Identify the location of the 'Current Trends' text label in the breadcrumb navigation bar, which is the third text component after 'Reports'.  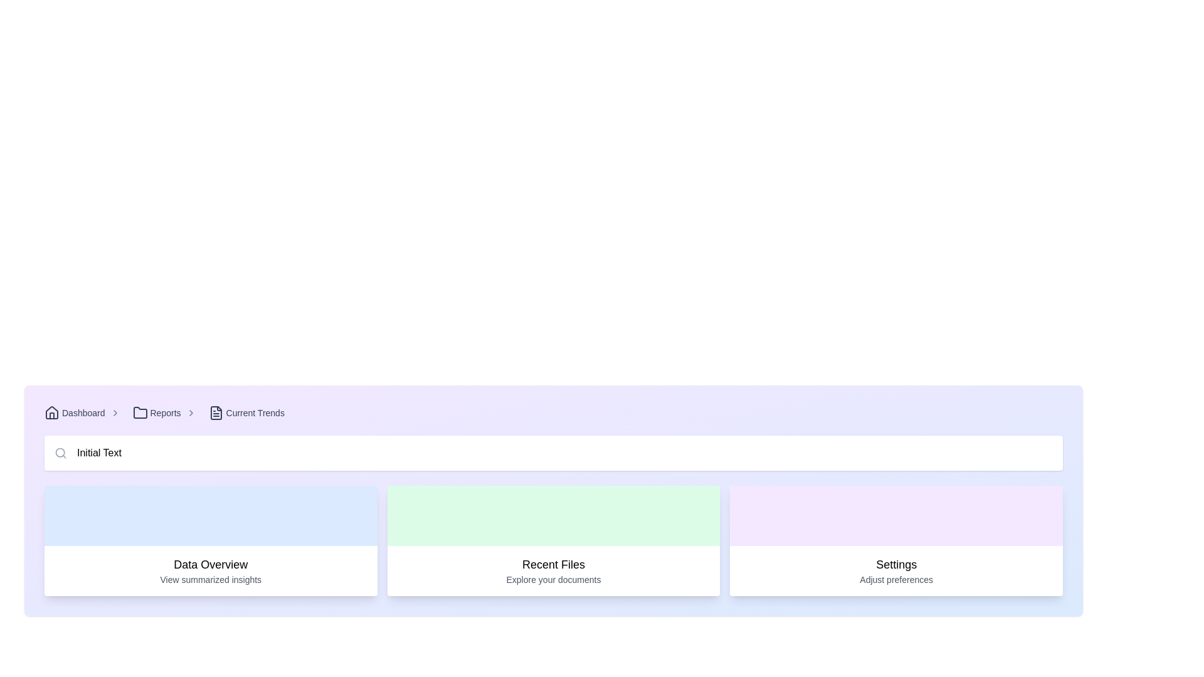
(255, 413).